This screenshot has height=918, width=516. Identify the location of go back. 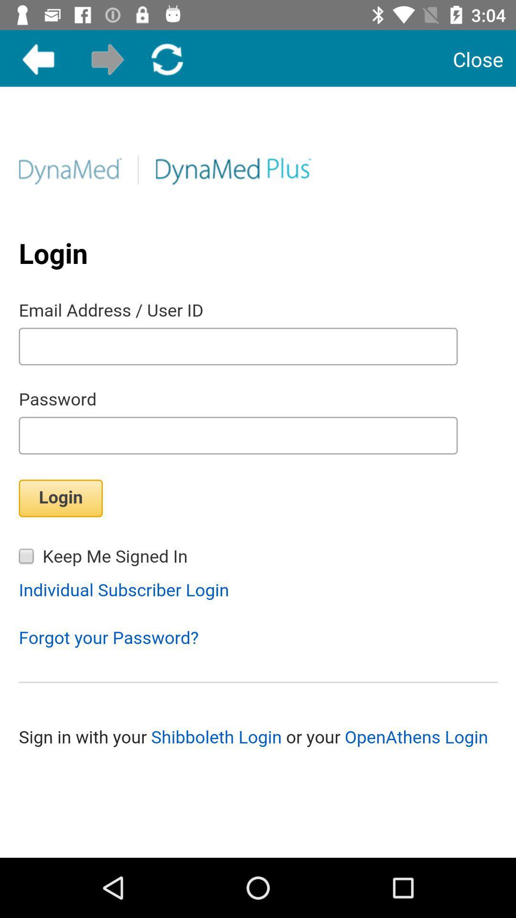
(38, 59).